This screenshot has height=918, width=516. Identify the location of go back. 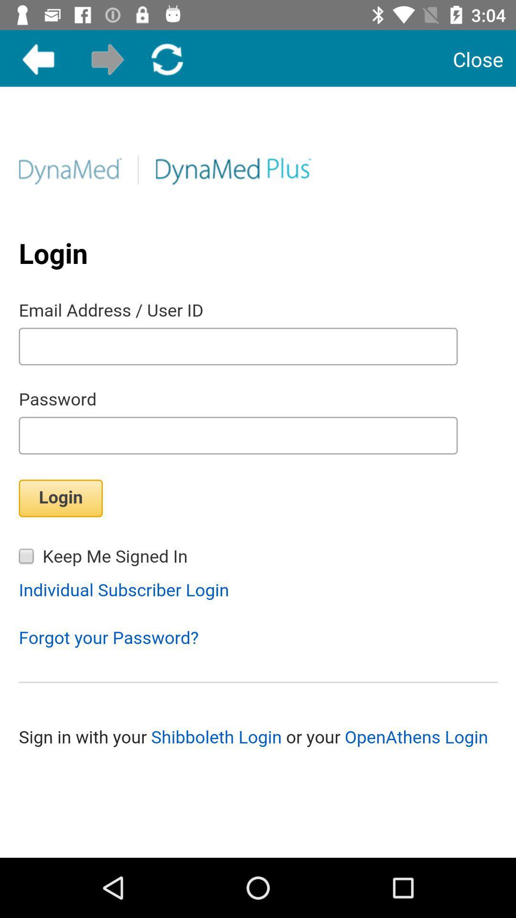
(38, 59).